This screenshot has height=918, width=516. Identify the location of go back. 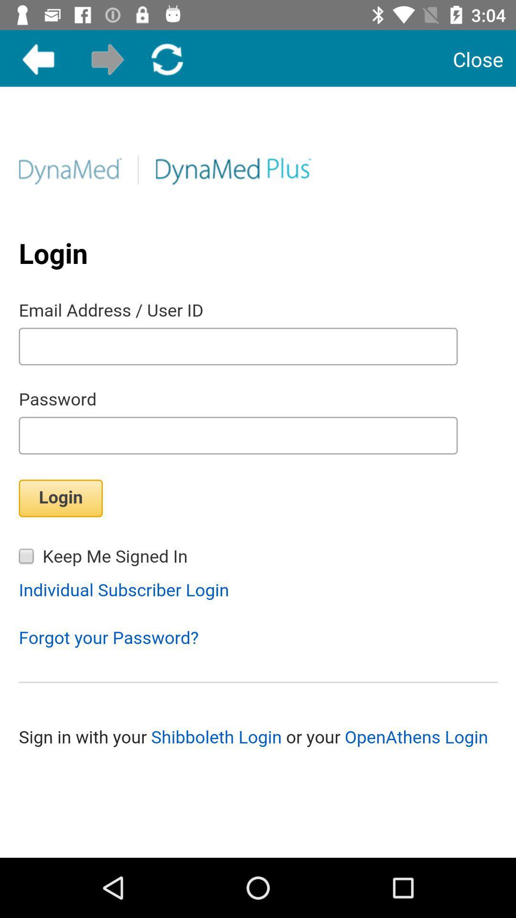
(38, 59).